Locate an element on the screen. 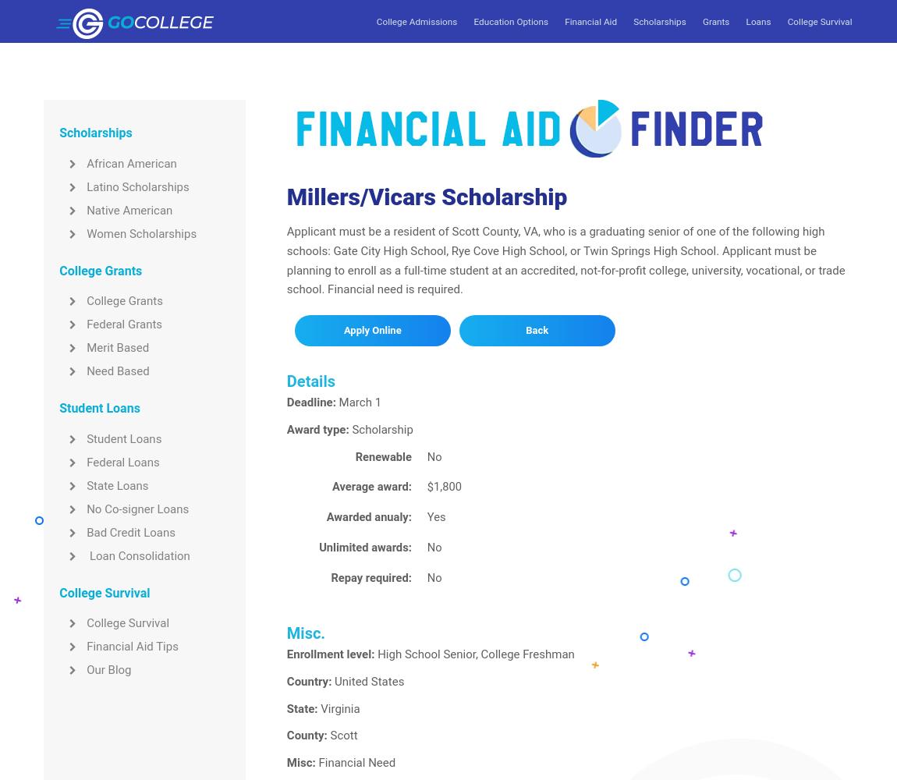  'Repay required:' is located at coordinates (331, 577).